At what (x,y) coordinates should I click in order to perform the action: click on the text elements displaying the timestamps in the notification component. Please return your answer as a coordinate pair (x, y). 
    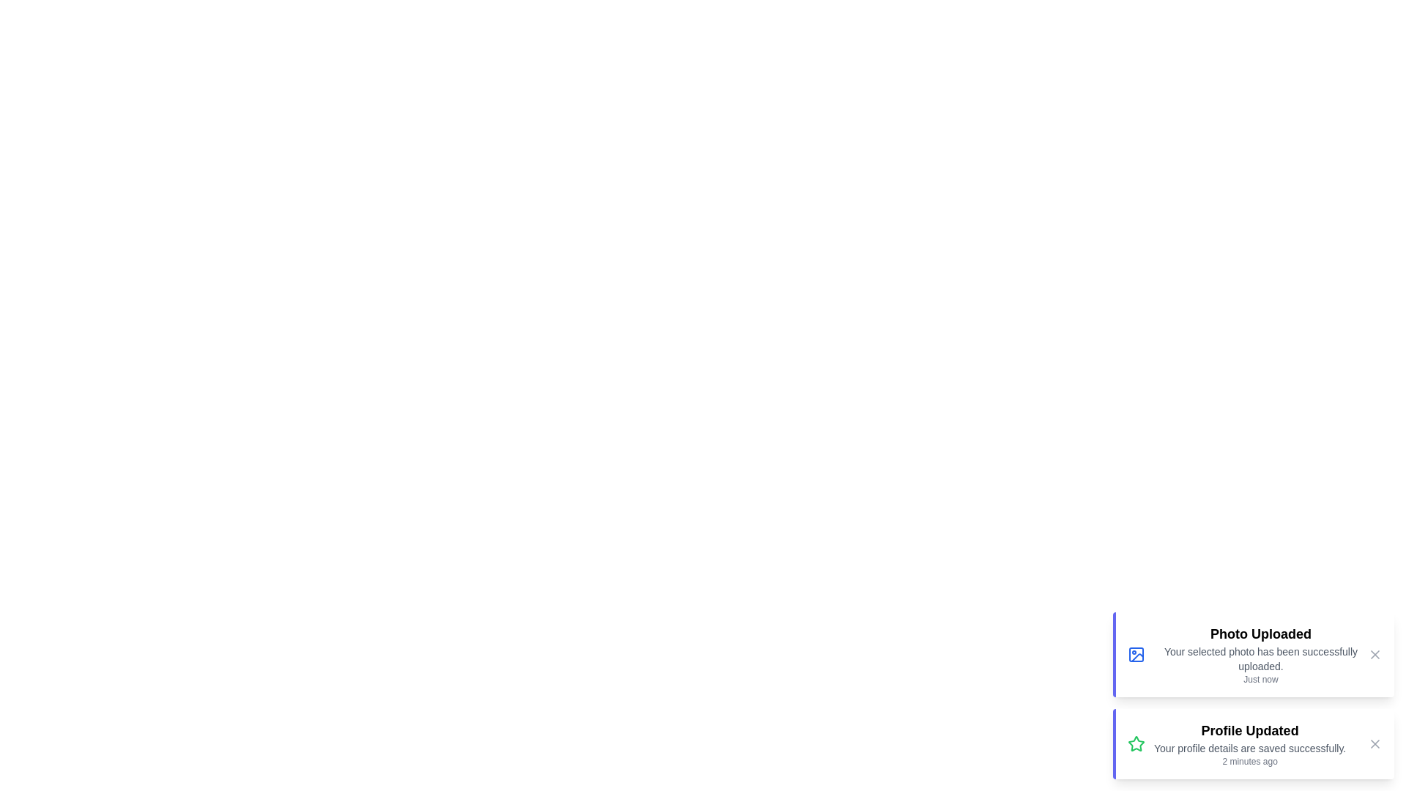
    Looking at the image, I should click on (1260, 680).